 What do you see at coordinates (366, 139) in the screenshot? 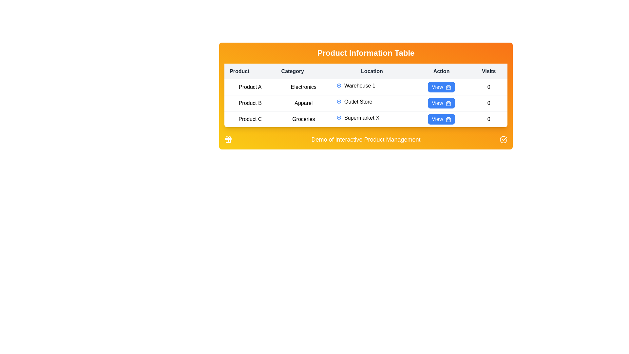
I see `the text label that says 'Demo of Interactive Product Management', which is styled with a large font size and white color on a gradient orange background, positioned centrally below the table headings in the Product Information Table` at bounding box center [366, 139].